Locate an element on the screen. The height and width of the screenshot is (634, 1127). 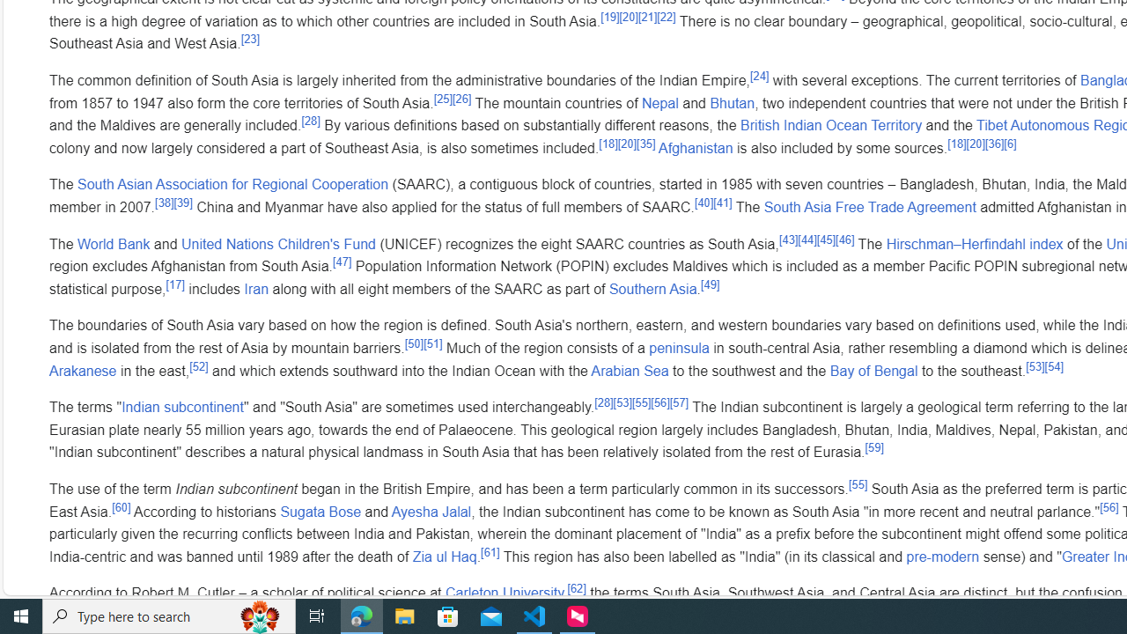
'[36]' is located at coordinates (993, 143).